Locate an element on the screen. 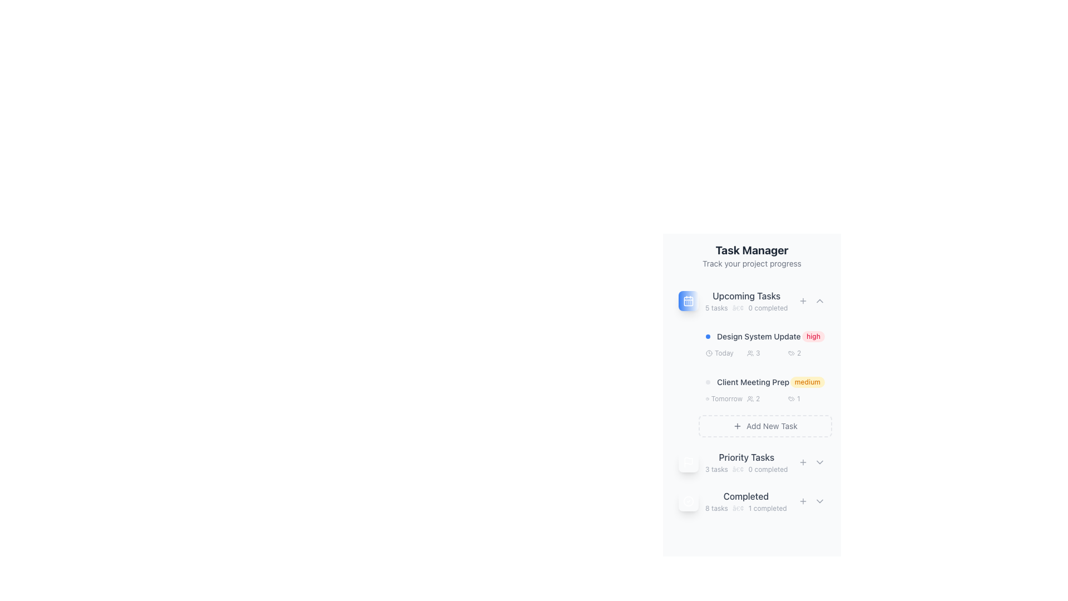 The image size is (1068, 601). the List Item Header labeled 'Priority Tasks' is located at coordinates (733, 462).